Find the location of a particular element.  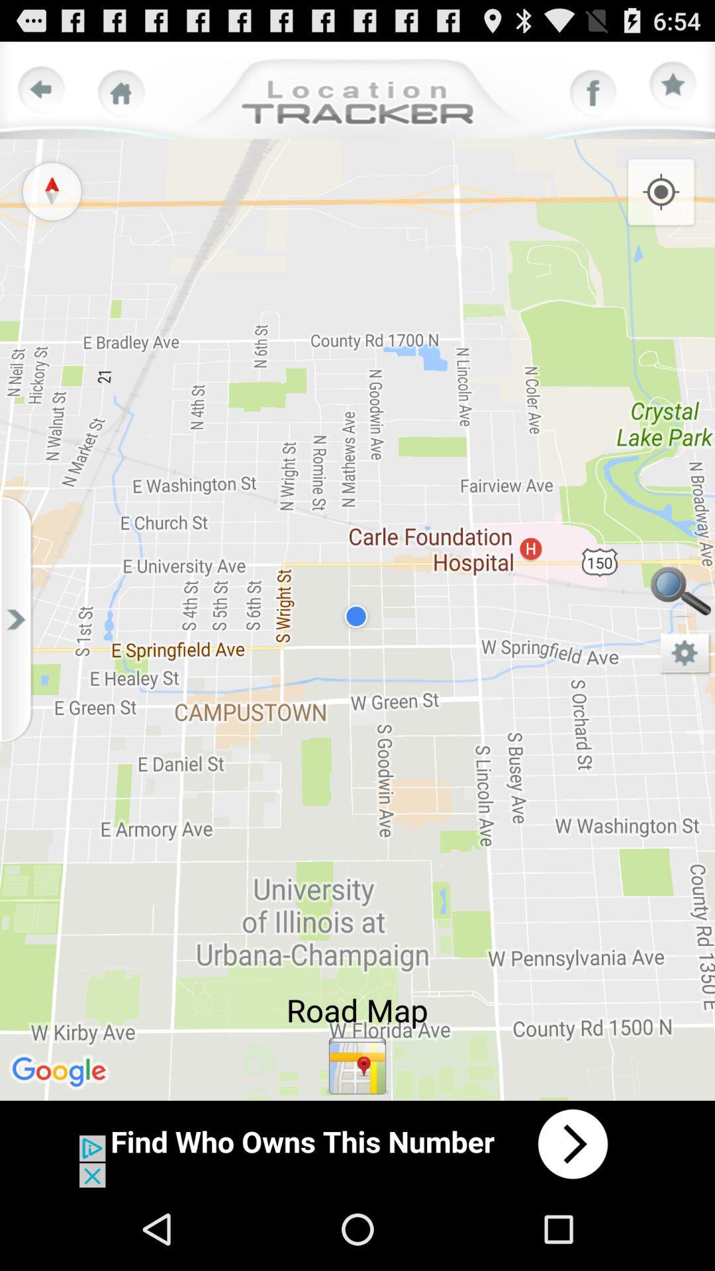

the location_crosshair icon is located at coordinates (661, 205).